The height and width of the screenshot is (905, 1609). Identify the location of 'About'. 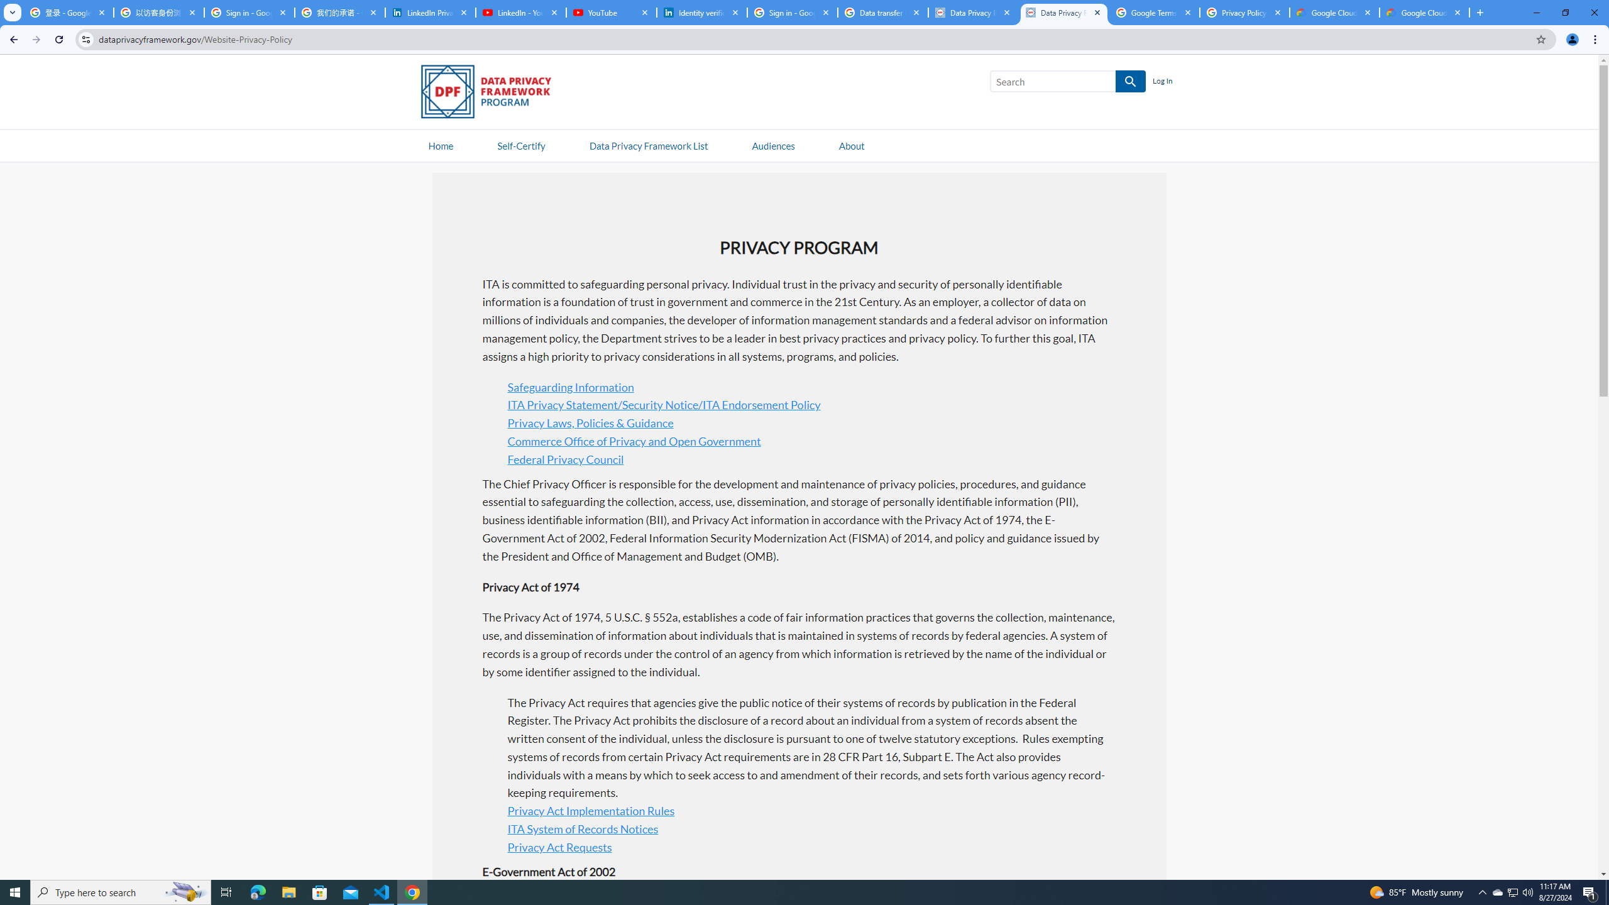
(850, 145).